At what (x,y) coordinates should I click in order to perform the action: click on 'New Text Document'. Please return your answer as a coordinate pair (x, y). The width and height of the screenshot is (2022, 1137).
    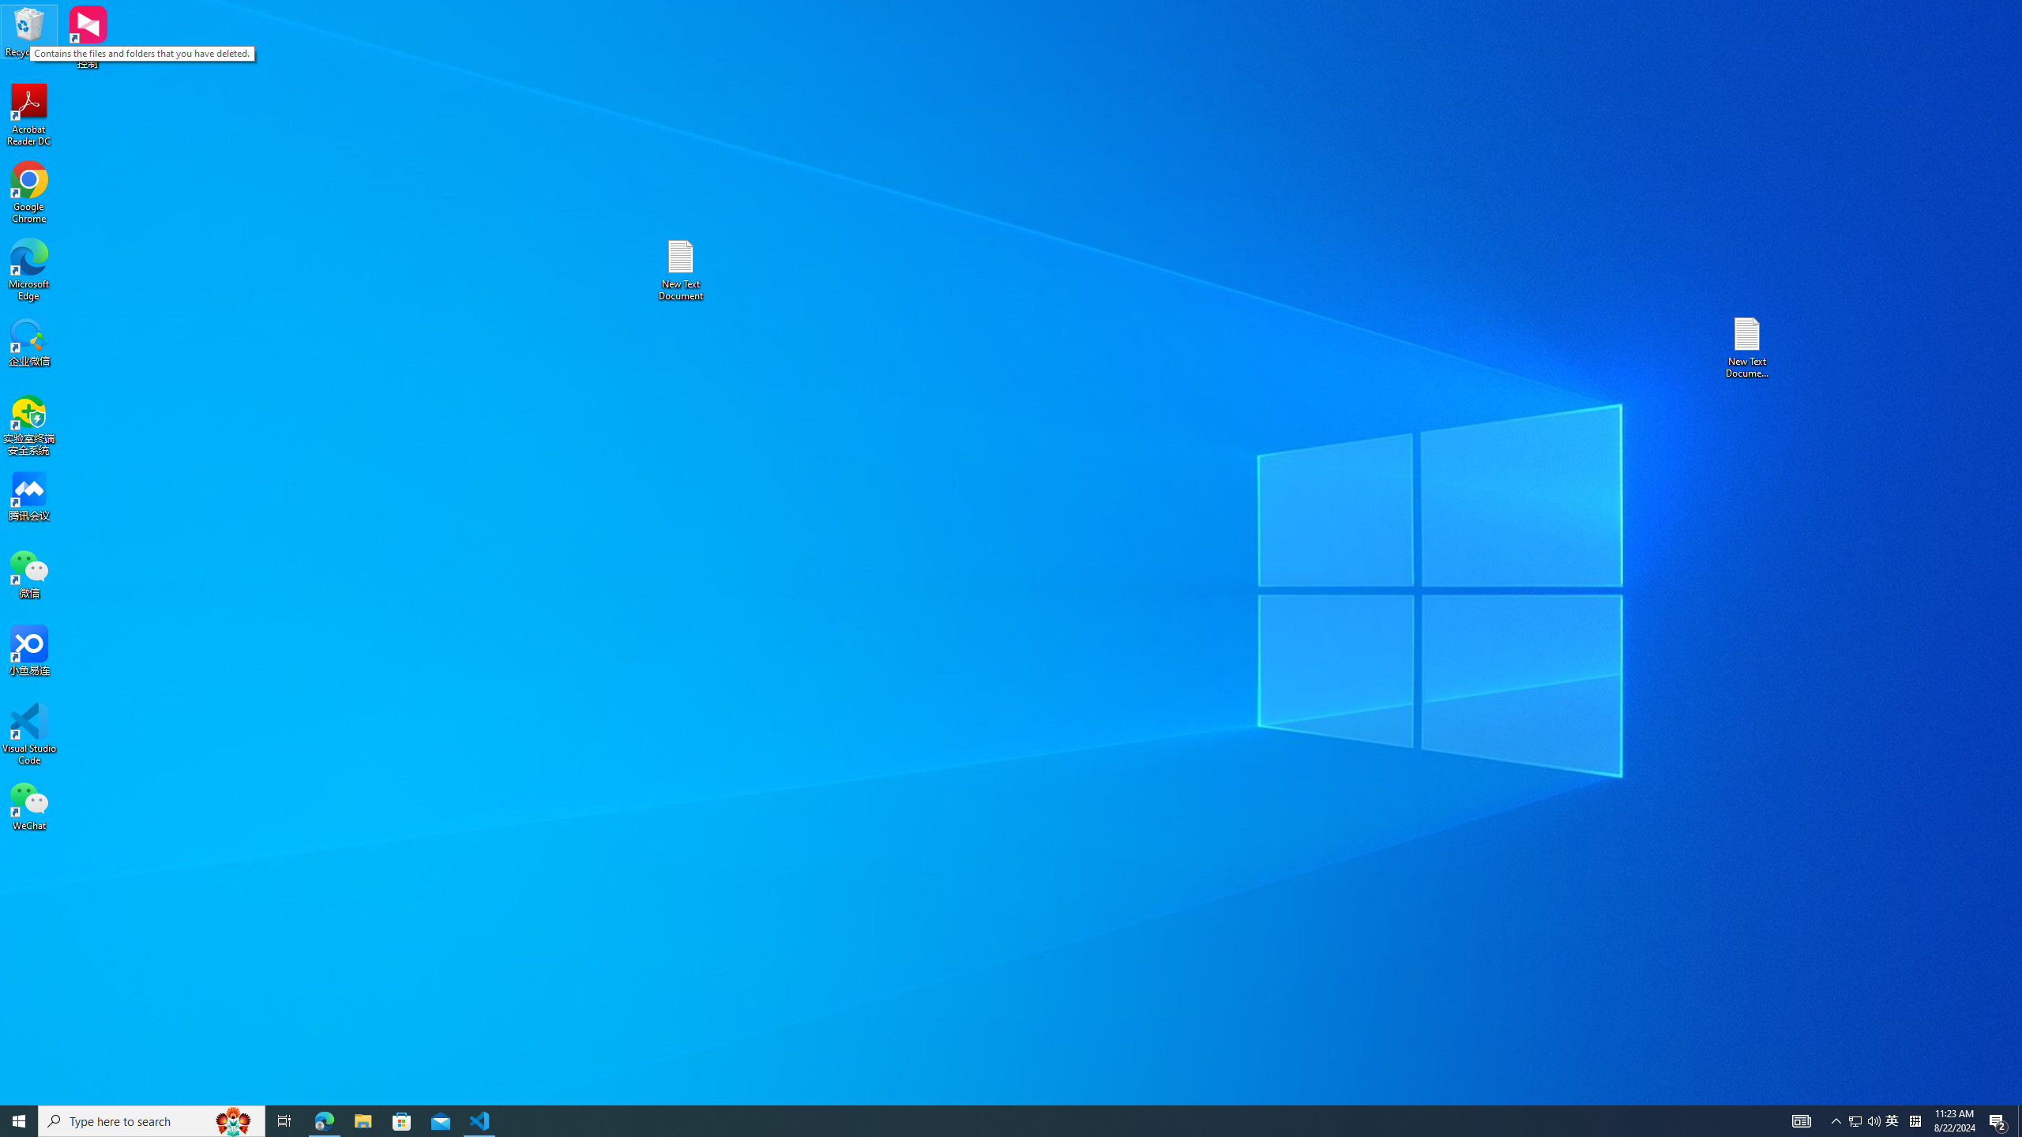
    Looking at the image, I should click on (679, 269).